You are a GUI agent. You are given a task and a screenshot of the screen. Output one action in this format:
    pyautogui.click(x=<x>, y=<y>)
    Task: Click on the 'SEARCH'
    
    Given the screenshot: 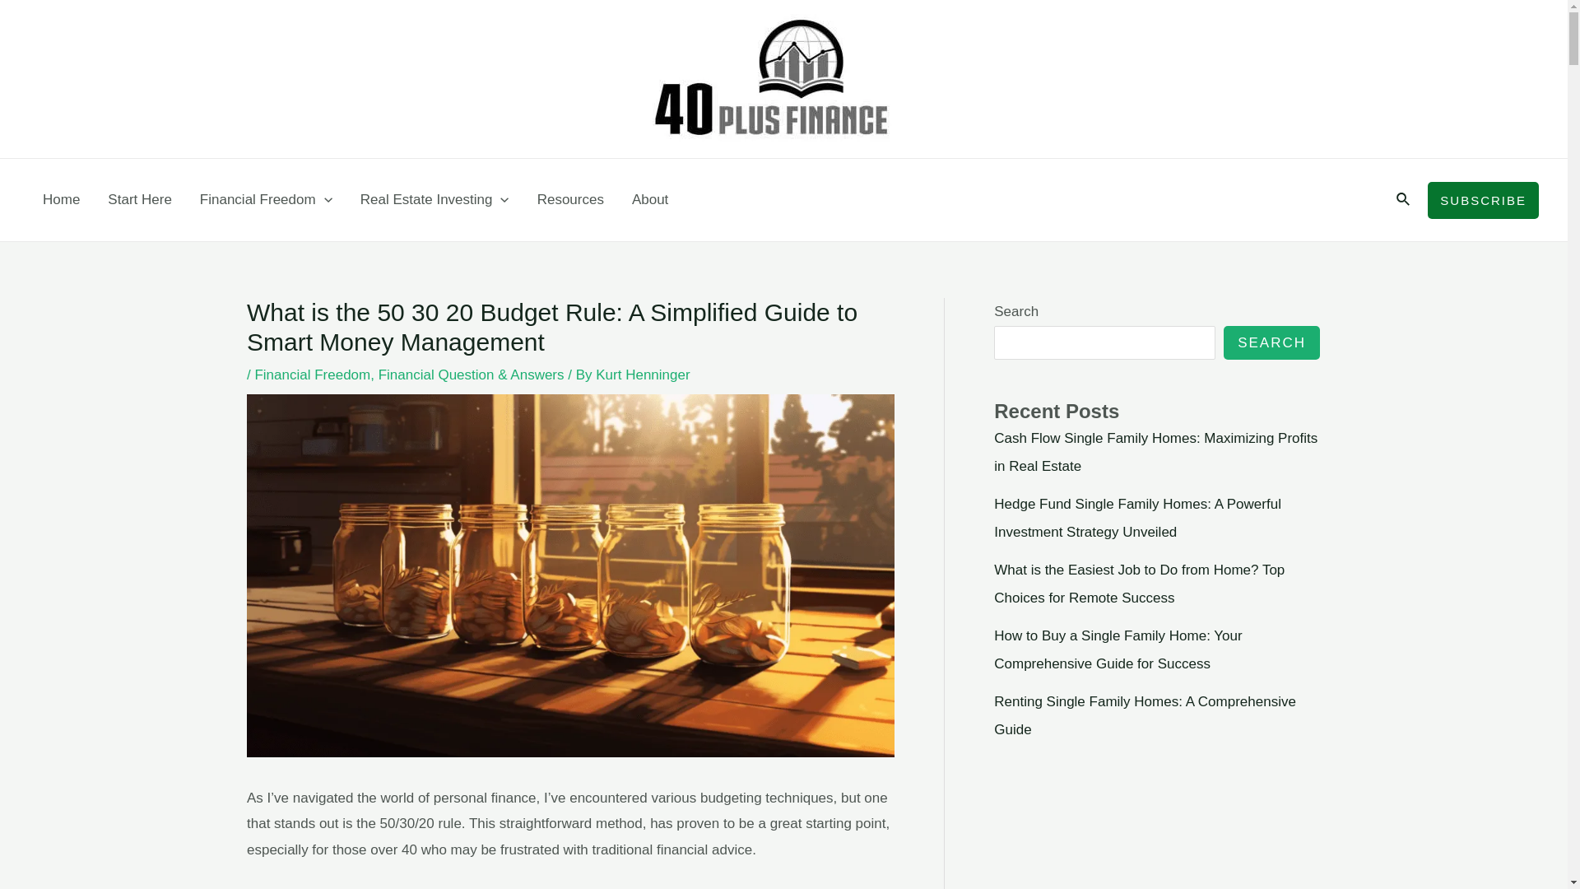 What is the action you would take?
    pyautogui.click(x=1224, y=342)
    